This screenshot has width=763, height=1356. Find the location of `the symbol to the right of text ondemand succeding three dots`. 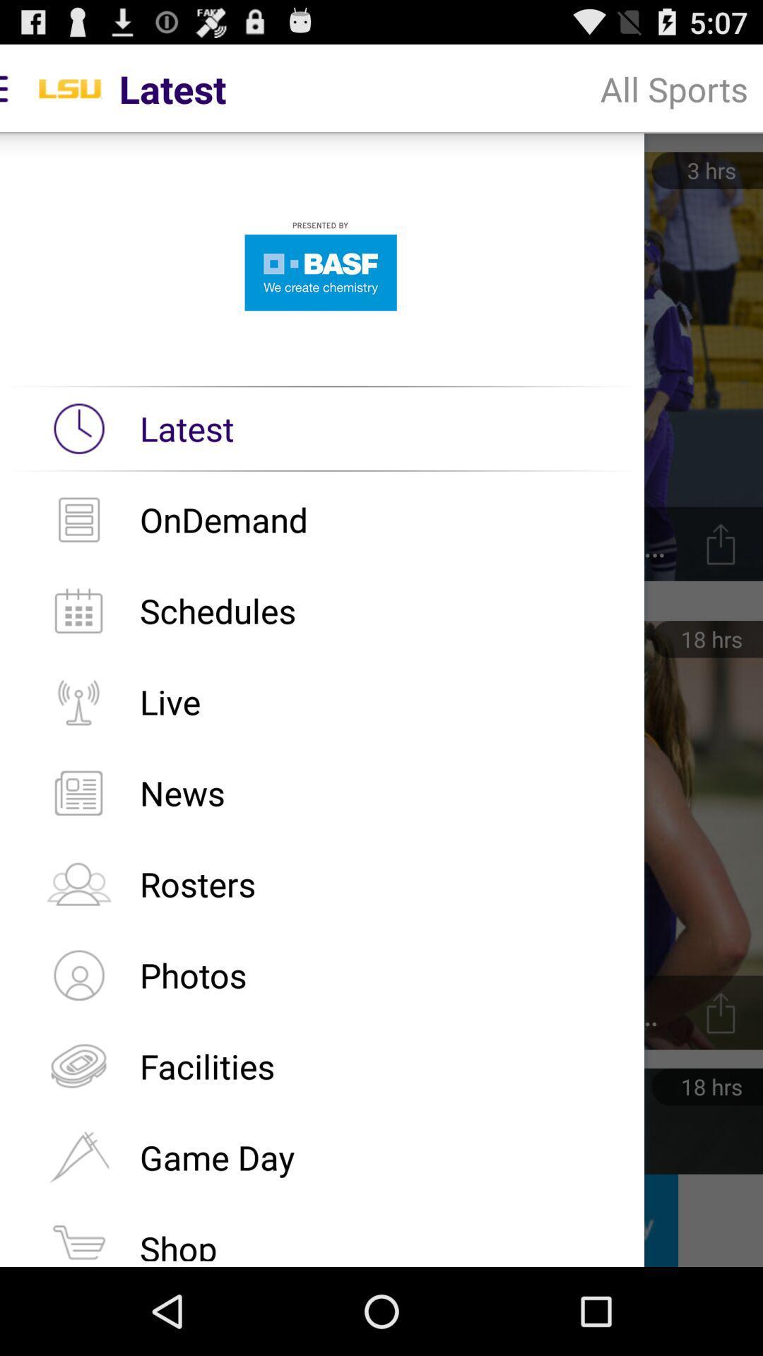

the symbol to the right of text ondemand succeding three dots is located at coordinates (721, 543).